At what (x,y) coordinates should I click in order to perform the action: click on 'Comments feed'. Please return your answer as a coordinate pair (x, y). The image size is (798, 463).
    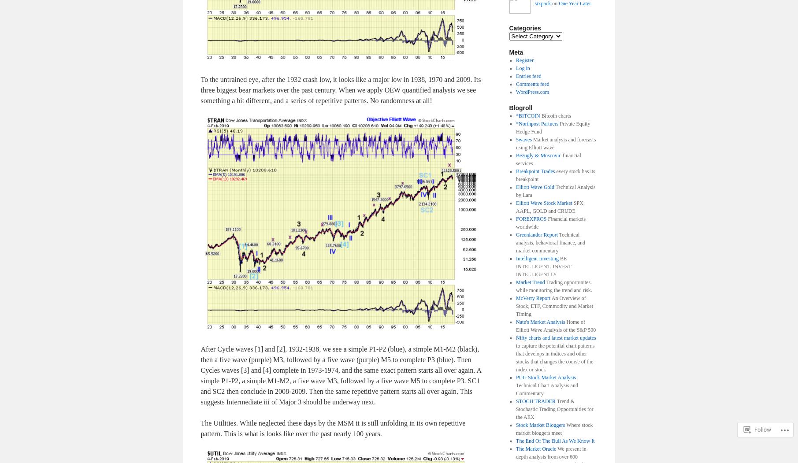
    Looking at the image, I should click on (532, 84).